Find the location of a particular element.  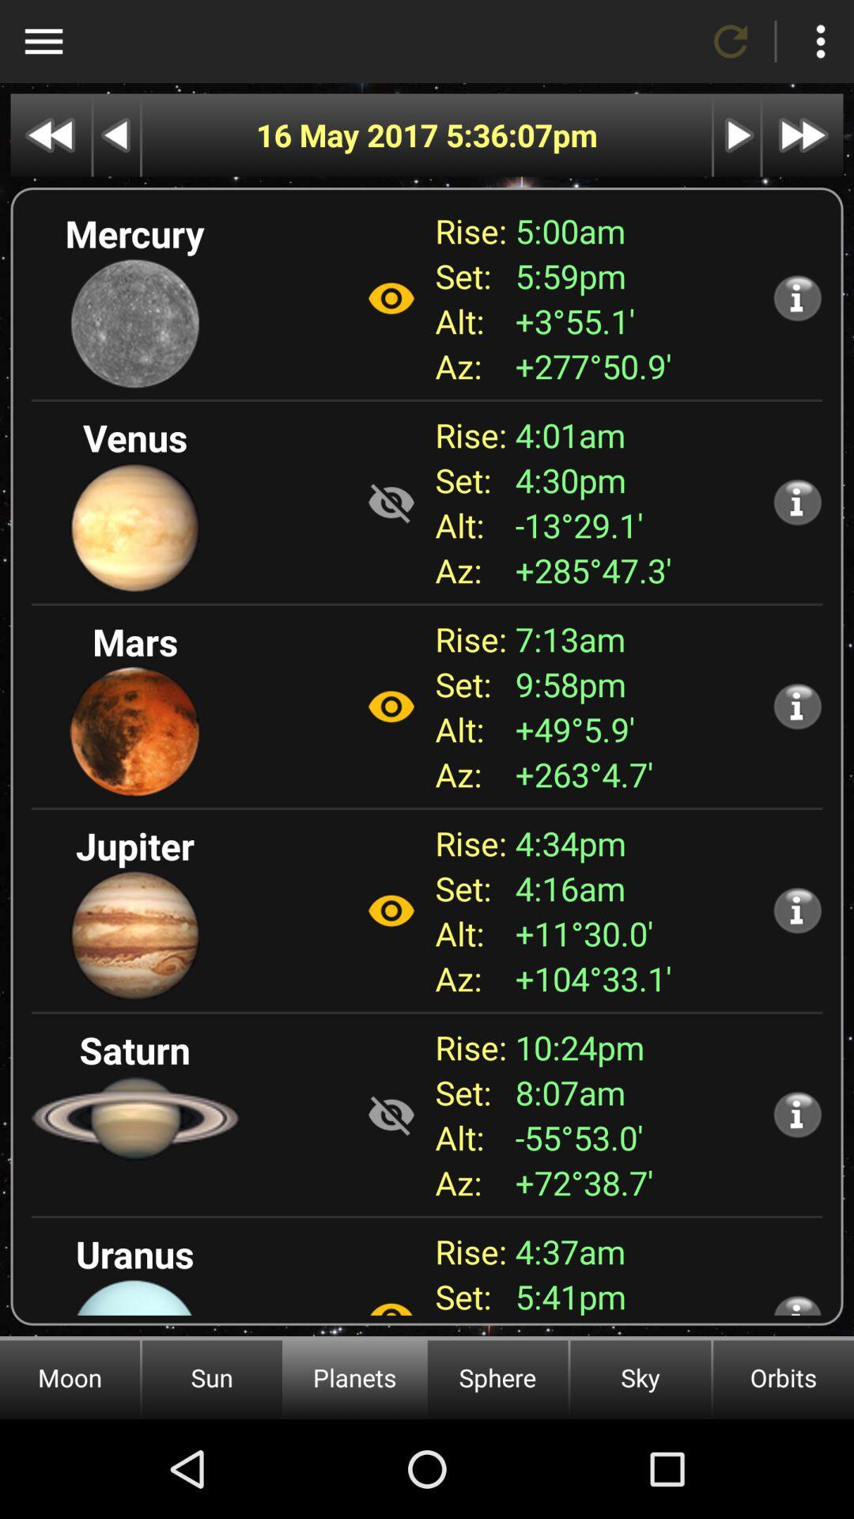

information about uranus is located at coordinates (797, 1305).